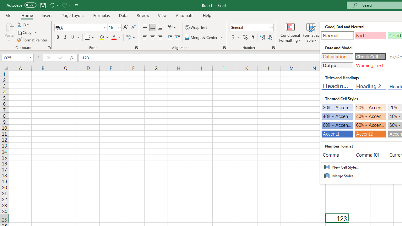 This screenshot has width=402, height=226. I want to click on 'Font Color RGB(255, 0, 0)', so click(114, 37).